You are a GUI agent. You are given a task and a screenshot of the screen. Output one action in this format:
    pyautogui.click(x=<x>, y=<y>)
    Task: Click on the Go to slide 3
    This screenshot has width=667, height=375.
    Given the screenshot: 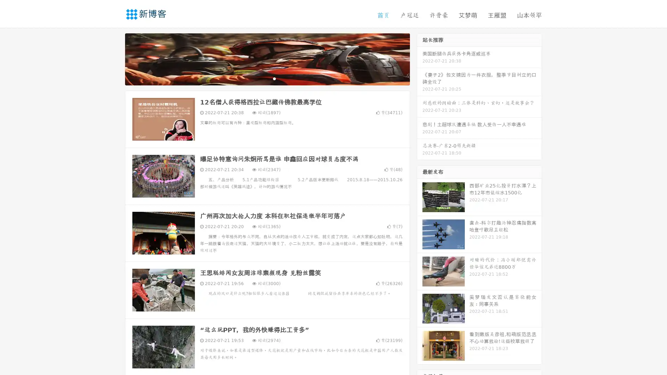 What is the action you would take?
    pyautogui.click(x=274, y=78)
    